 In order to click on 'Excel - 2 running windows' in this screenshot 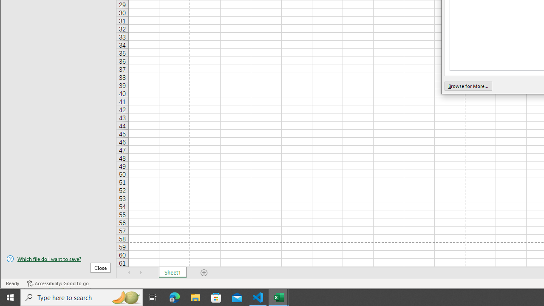, I will do `click(279, 297)`.